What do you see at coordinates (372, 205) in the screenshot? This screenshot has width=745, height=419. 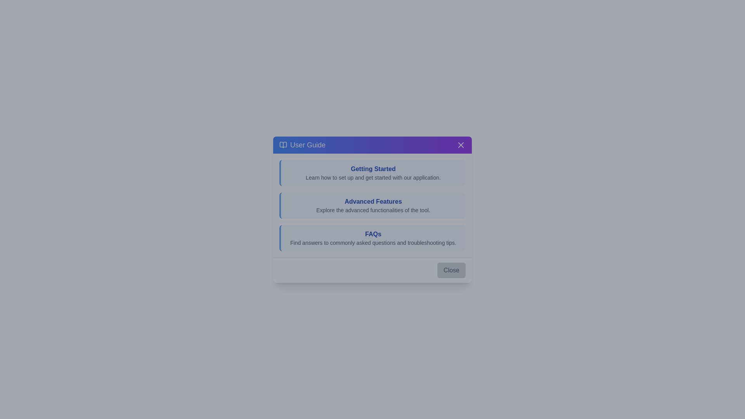 I see `the 'Advanced Features' informational section with a light blue background and dark blue heading in the 'User Guide' dialog box` at bounding box center [372, 205].